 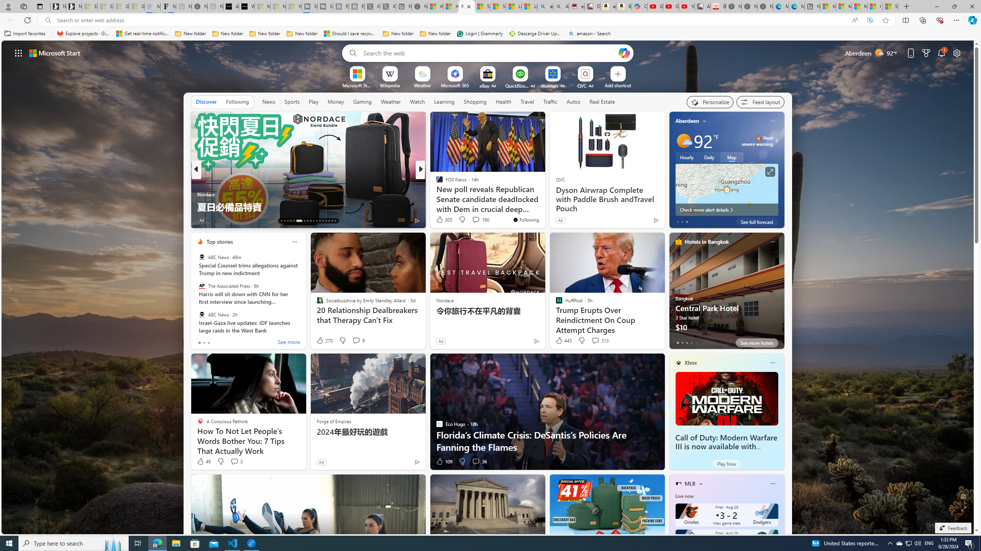 I want to click on 'MLB', so click(x=689, y=483).